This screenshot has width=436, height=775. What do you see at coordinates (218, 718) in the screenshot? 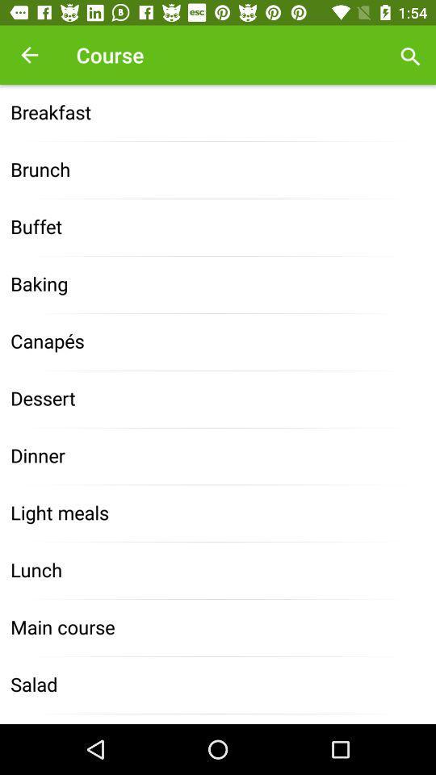
I see `item below the salad item` at bounding box center [218, 718].